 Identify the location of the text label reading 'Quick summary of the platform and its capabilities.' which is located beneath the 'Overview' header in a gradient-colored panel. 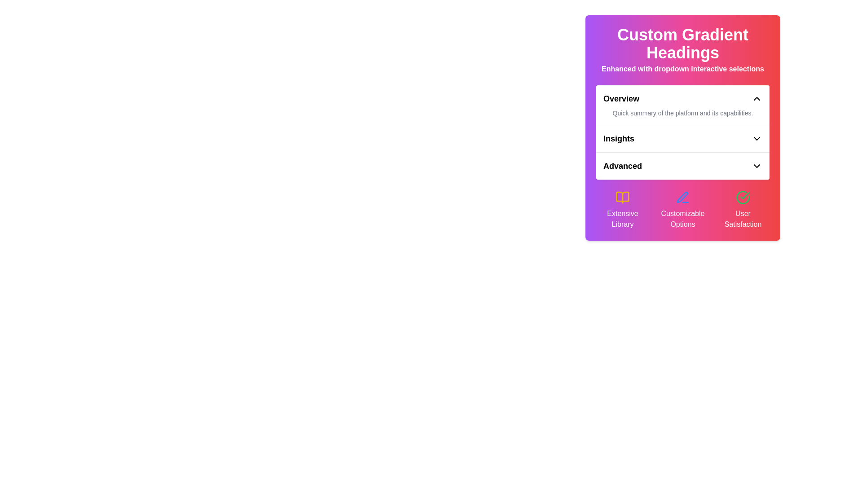
(682, 112).